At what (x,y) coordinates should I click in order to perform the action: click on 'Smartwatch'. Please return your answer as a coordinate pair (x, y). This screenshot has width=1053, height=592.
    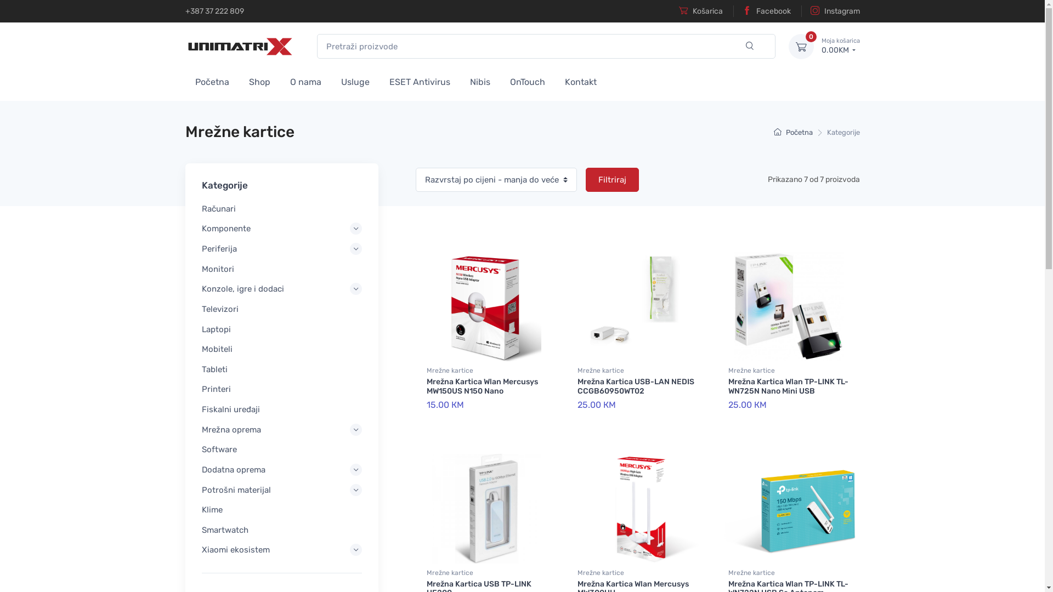
    Looking at the image, I should click on (202, 530).